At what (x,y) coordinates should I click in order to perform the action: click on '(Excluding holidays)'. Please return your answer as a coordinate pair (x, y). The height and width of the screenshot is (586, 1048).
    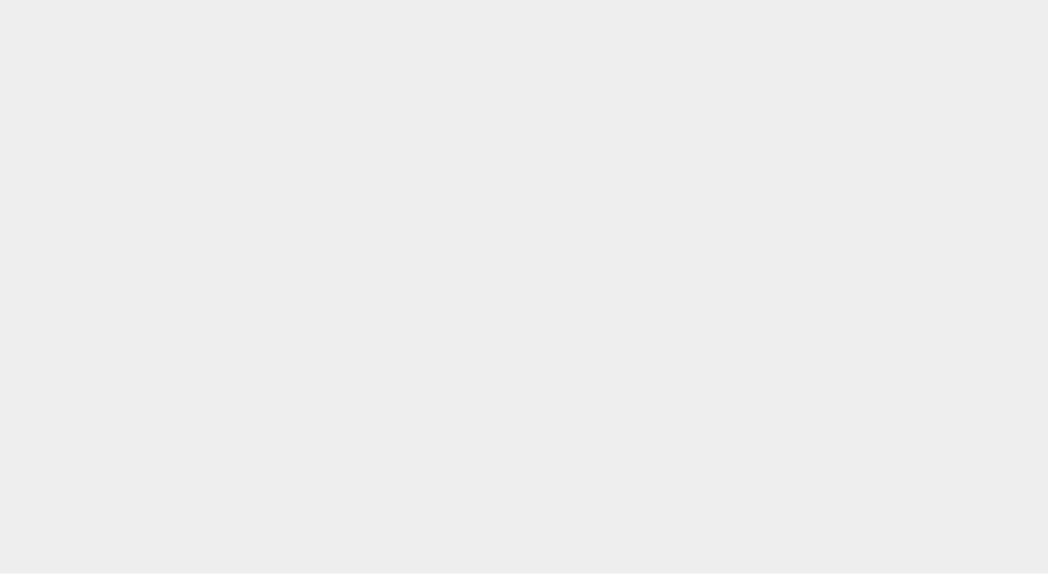
    Looking at the image, I should click on (674, 459).